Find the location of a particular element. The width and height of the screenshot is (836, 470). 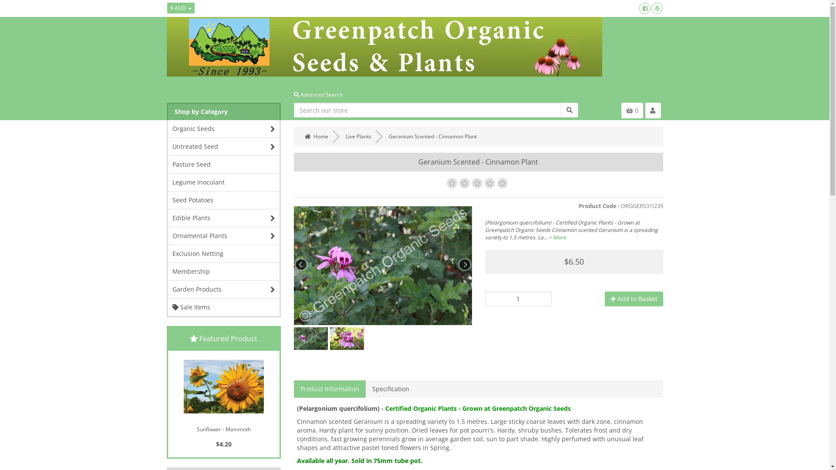

'+ More' is located at coordinates (557, 237).